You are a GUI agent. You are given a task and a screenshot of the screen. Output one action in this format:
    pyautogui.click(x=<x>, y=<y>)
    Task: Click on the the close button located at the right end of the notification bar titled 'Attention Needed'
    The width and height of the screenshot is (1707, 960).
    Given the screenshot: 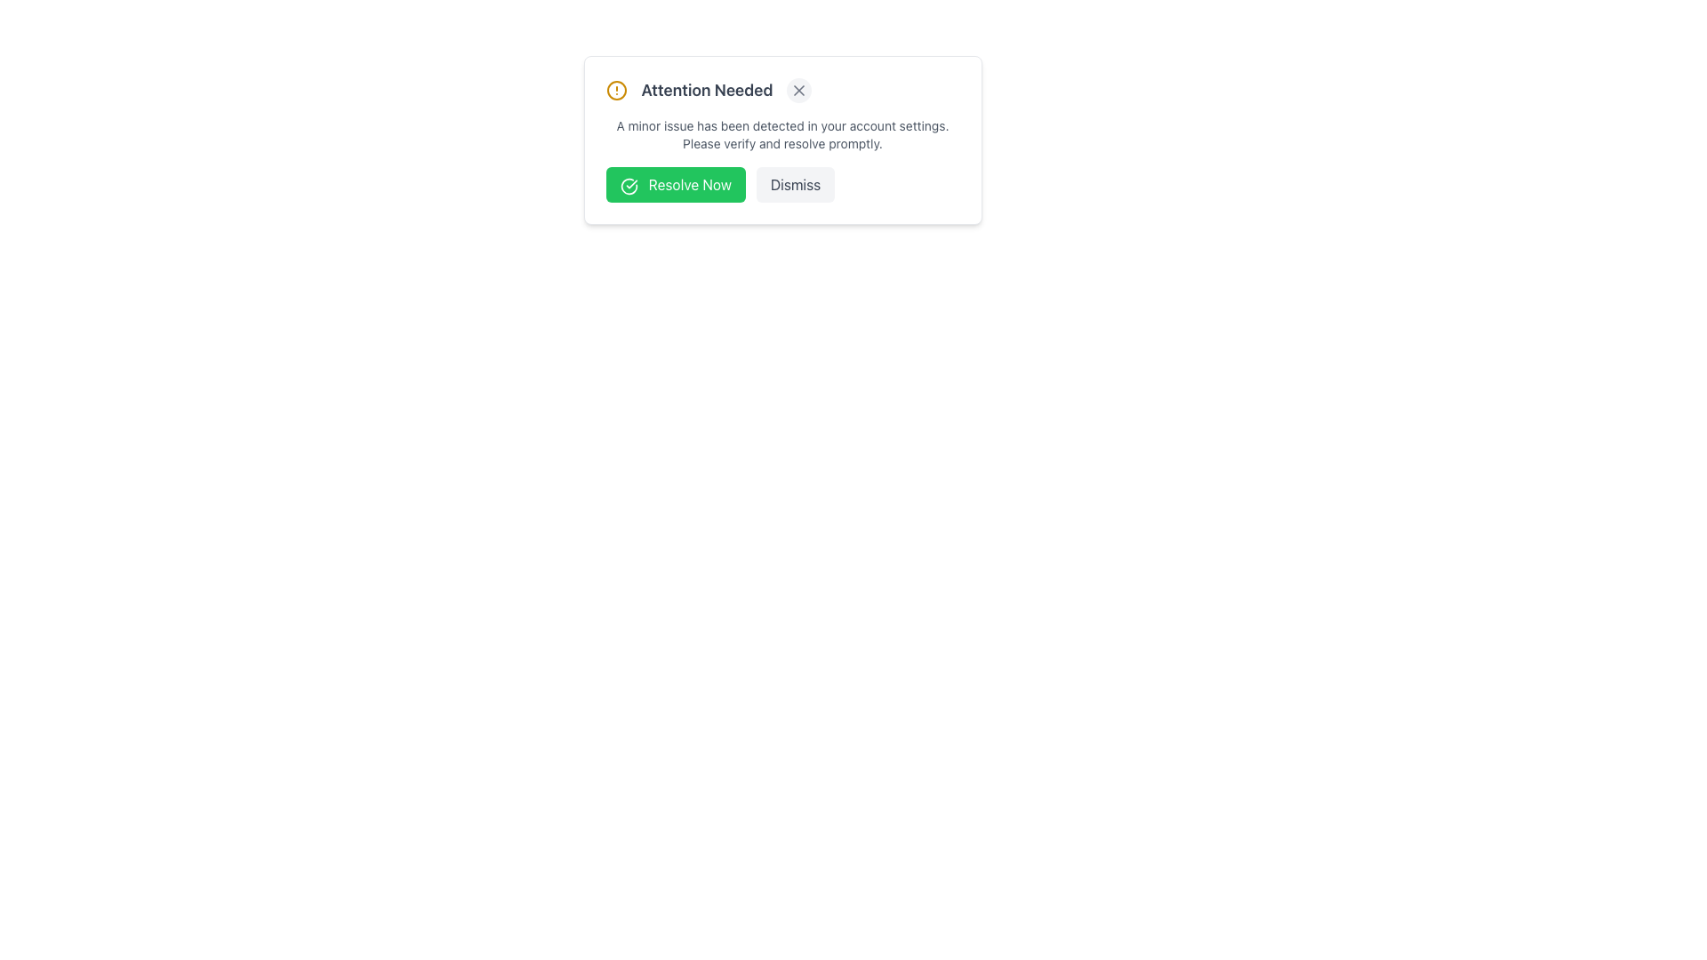 What is the action you would take?
    pyautogui.click(x=798, y=90)
    